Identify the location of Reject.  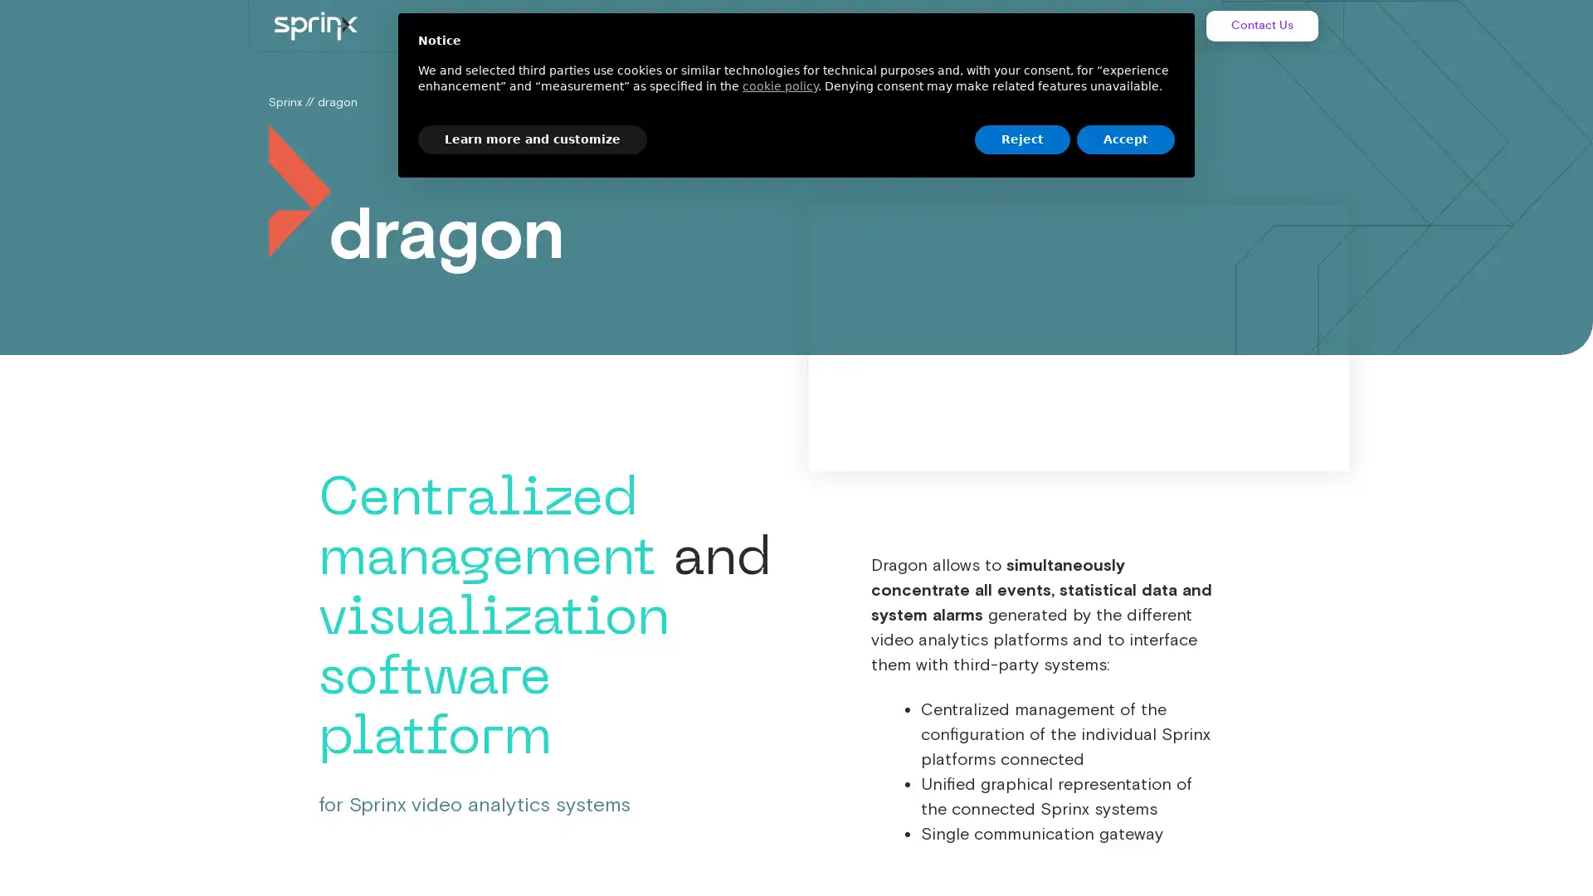
(1021, 139).